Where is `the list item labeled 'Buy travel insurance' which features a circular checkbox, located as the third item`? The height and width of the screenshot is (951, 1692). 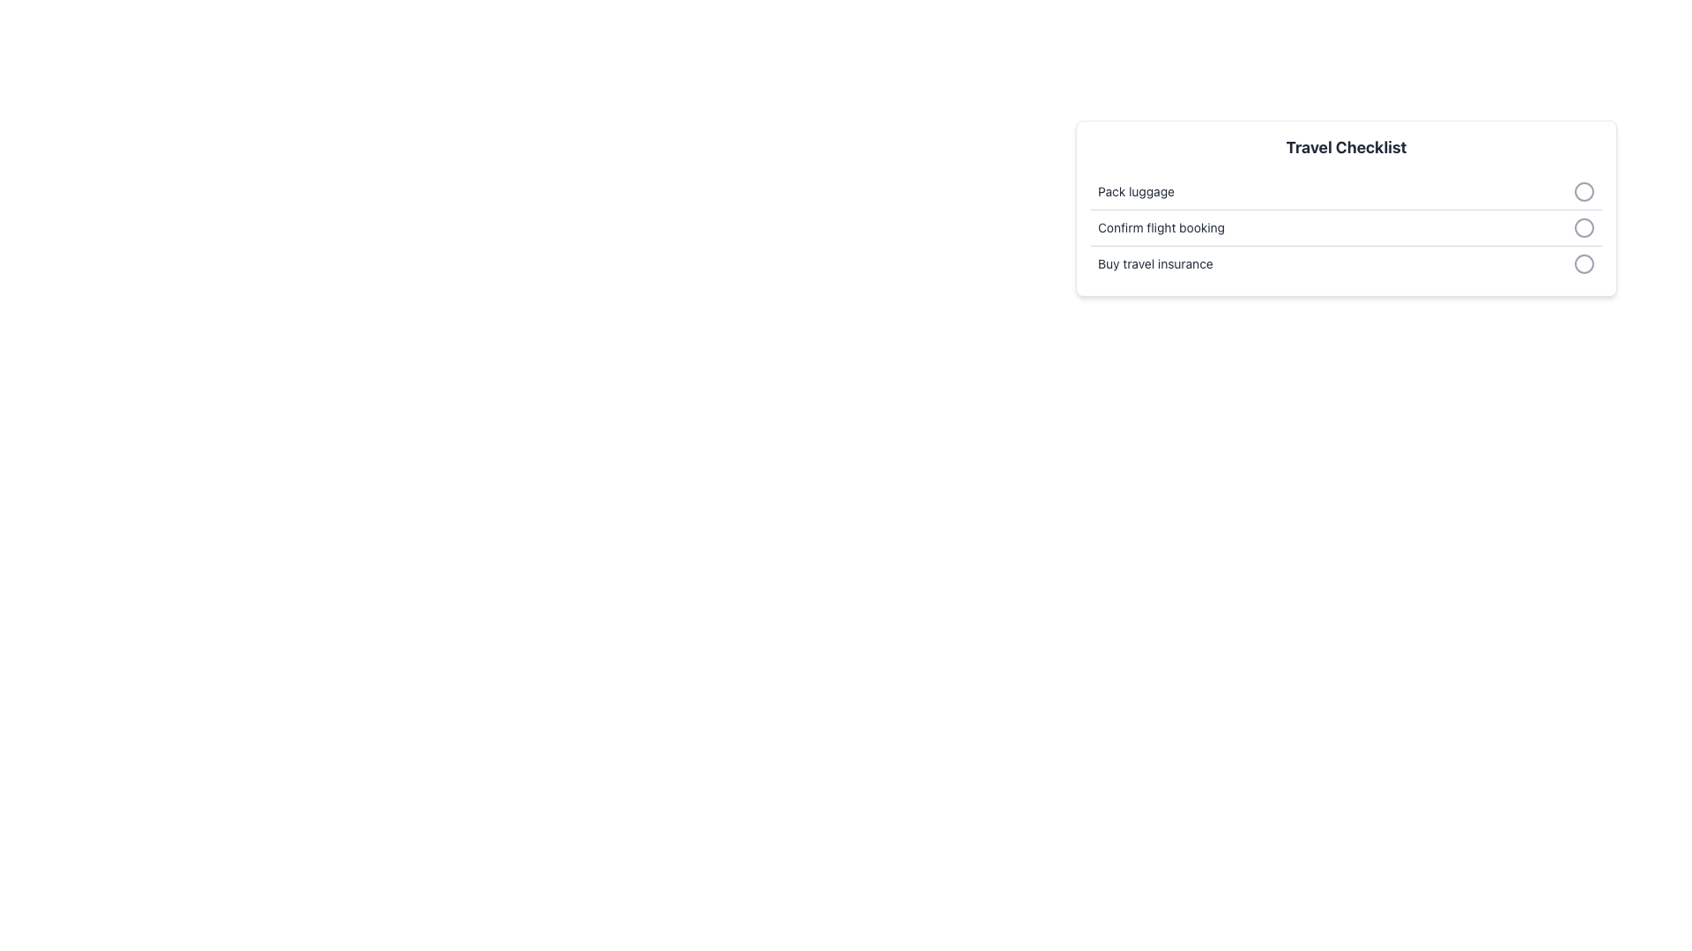
the list item labeled 'Buy travel insurance' which features a circular checkbox, located as the third item is located at coordinates (1345, 264).